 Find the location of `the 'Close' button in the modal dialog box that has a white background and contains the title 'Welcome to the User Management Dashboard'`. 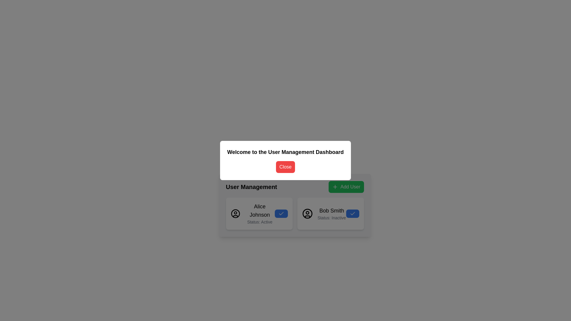

the 'Close' button in the modal dialog box that has a white background and contains the title 'Welcome to the User Management Dashboard' is located at coordinates (285, 160).